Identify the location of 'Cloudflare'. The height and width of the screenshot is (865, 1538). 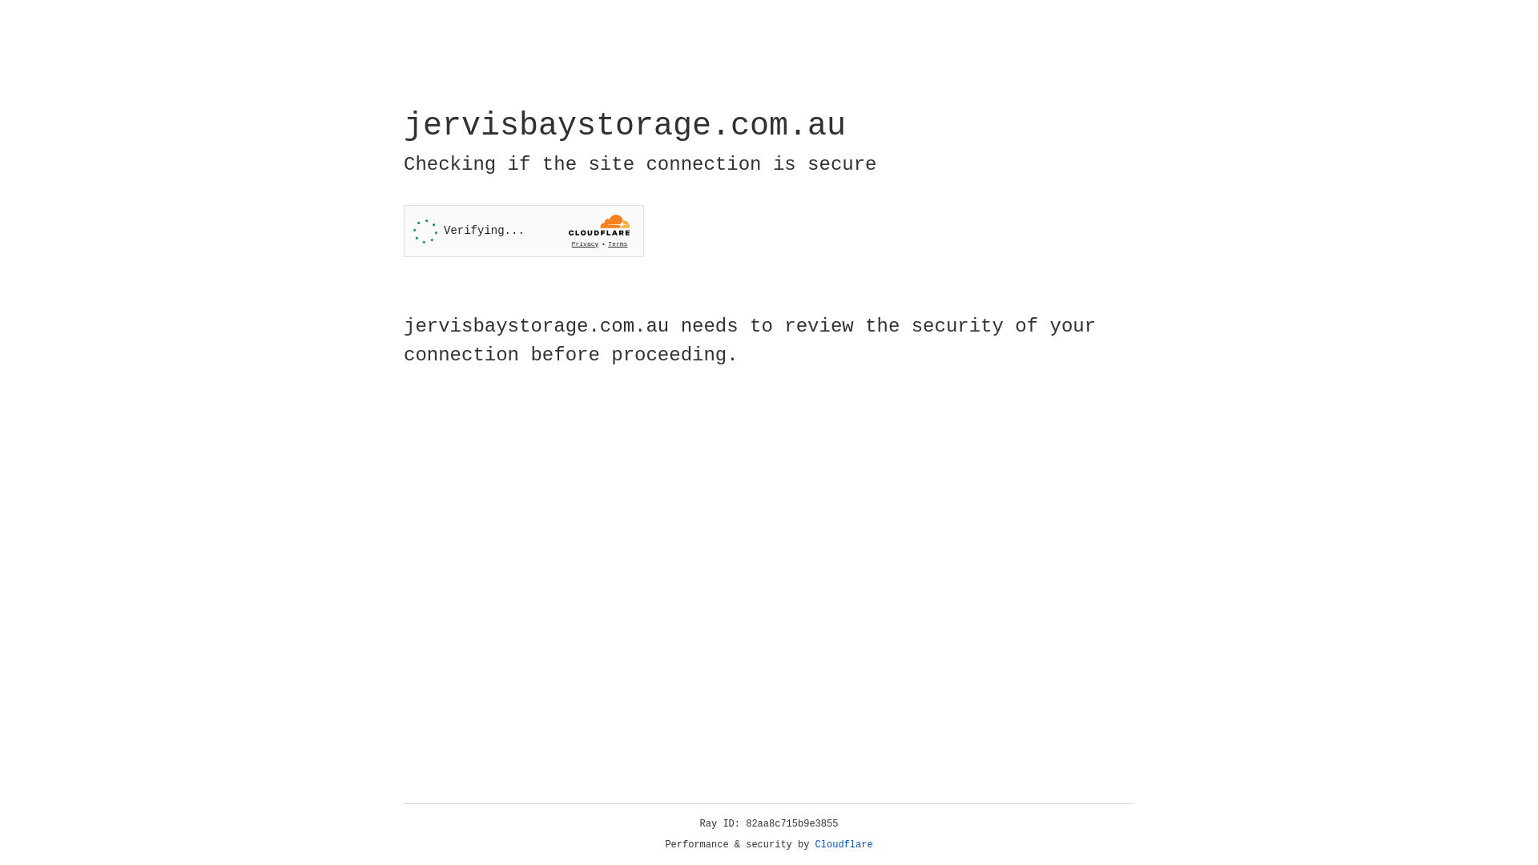
(843, 844).